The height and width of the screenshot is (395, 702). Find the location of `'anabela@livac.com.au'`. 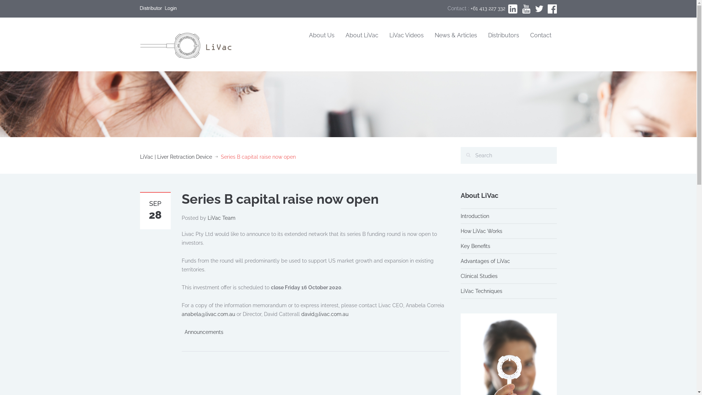

'anabela@livac.com.au' is located at coordinates (208, 314).